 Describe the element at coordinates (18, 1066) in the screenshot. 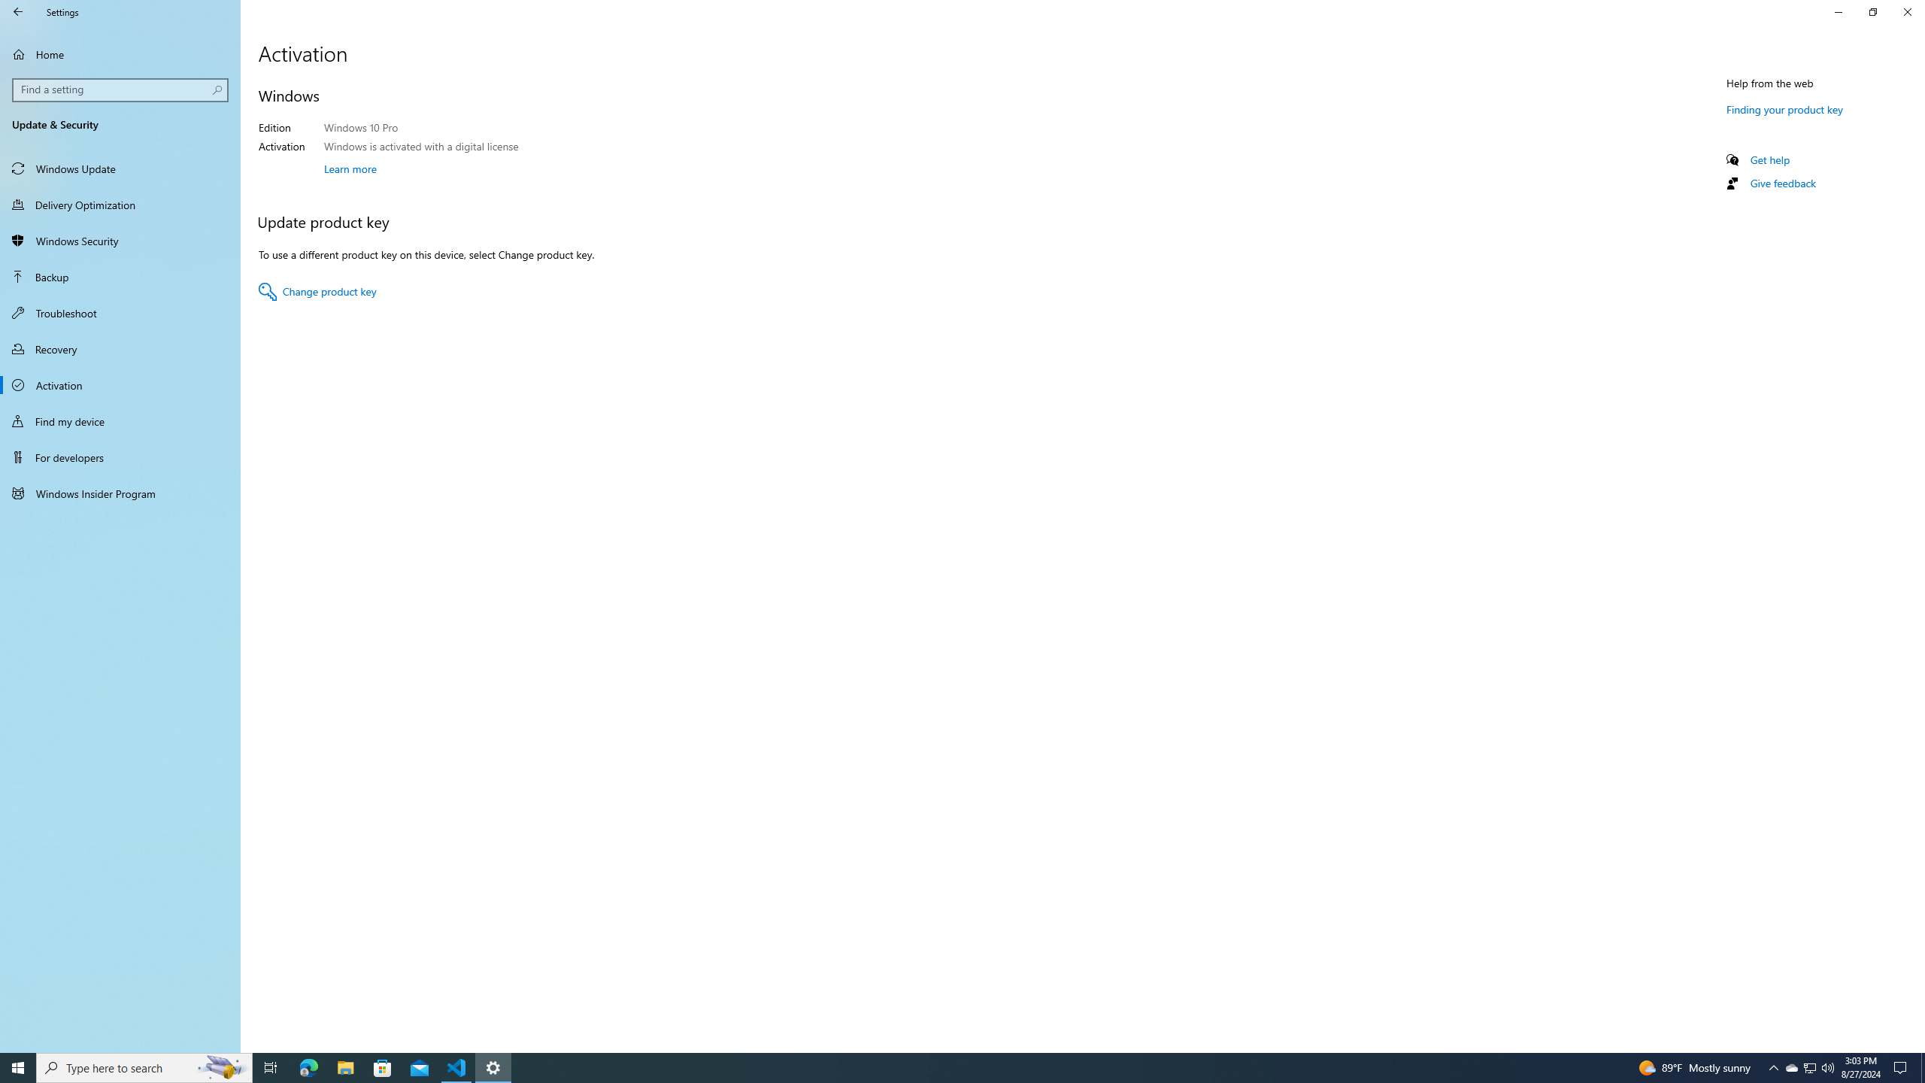

I see `'Start'` at that location.